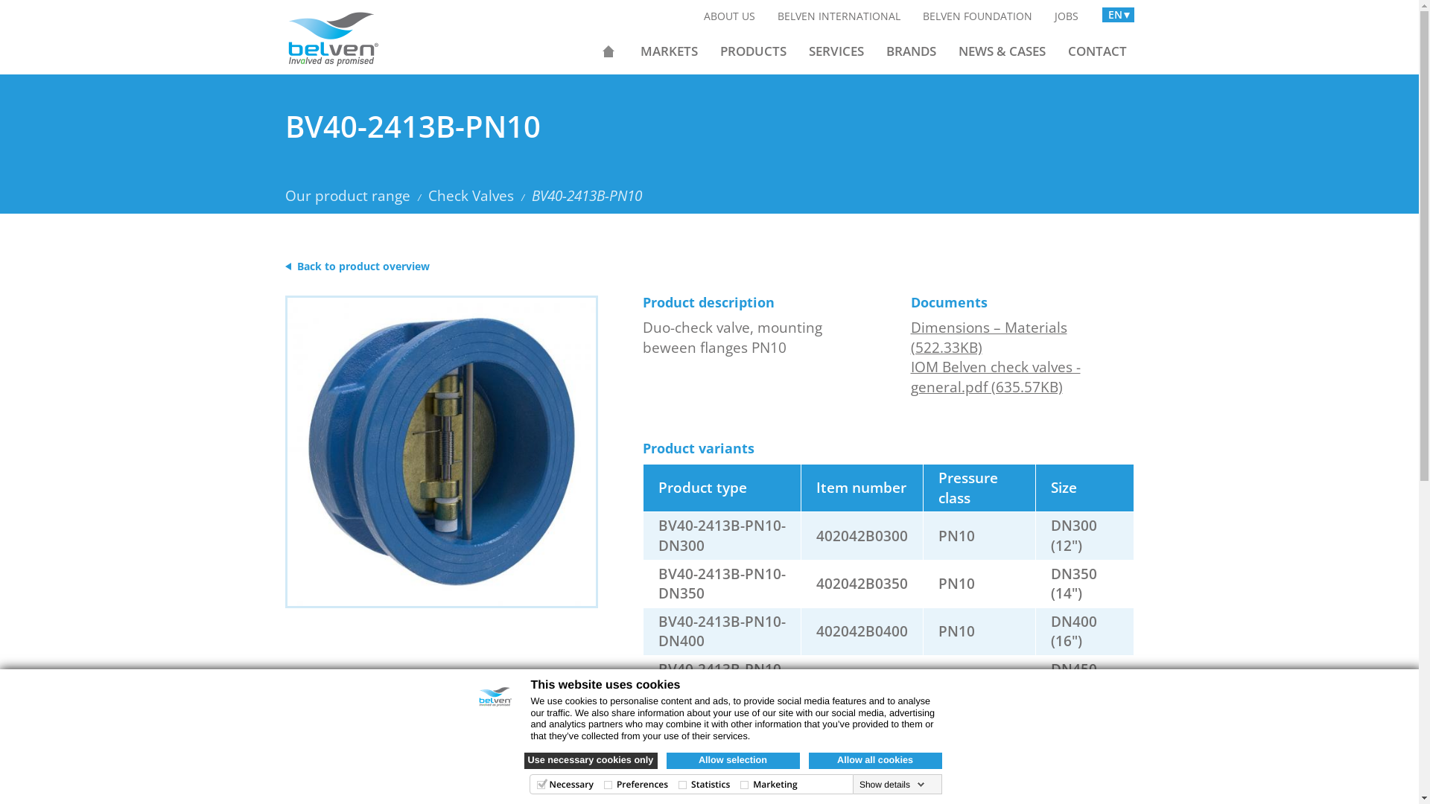  I want to click on 'BRANDS', so click(910, 50).